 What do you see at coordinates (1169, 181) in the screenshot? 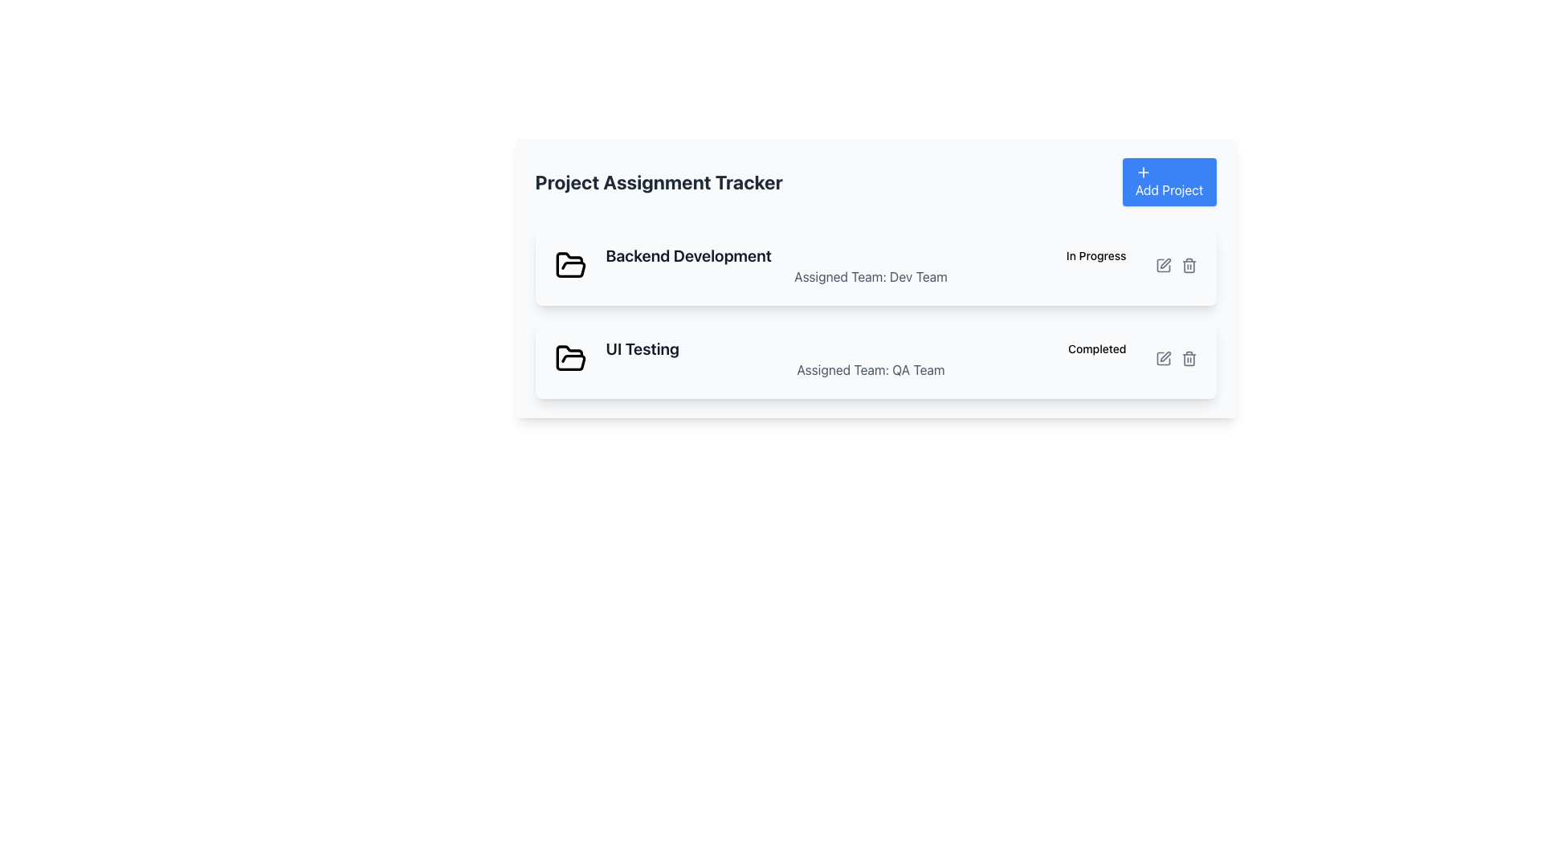
I see `the 'Add Project' button located at the top-right corner of the 'Project Assignment Tracker' header` at bounding box center [1169, 181].